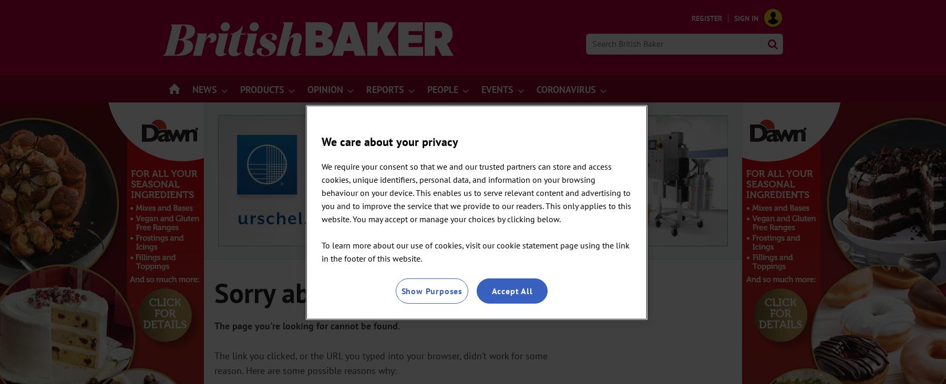 Image resolution: width=946 pixels, height=384 pixels. Describe the element at coordinates (443, 89) in the screenshot. I see `'People'` at that location.